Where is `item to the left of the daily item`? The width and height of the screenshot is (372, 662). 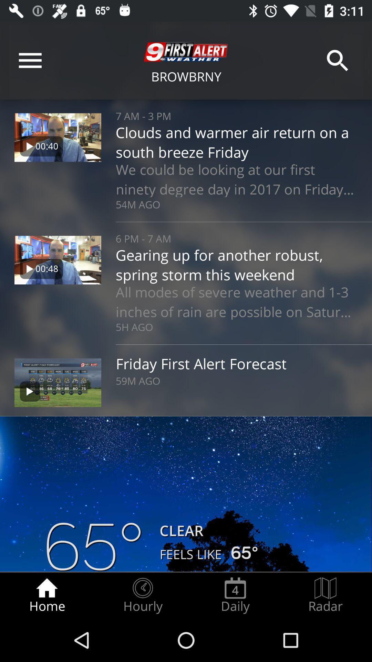
item to the left of the daily item is located at coordinates (142, 595).